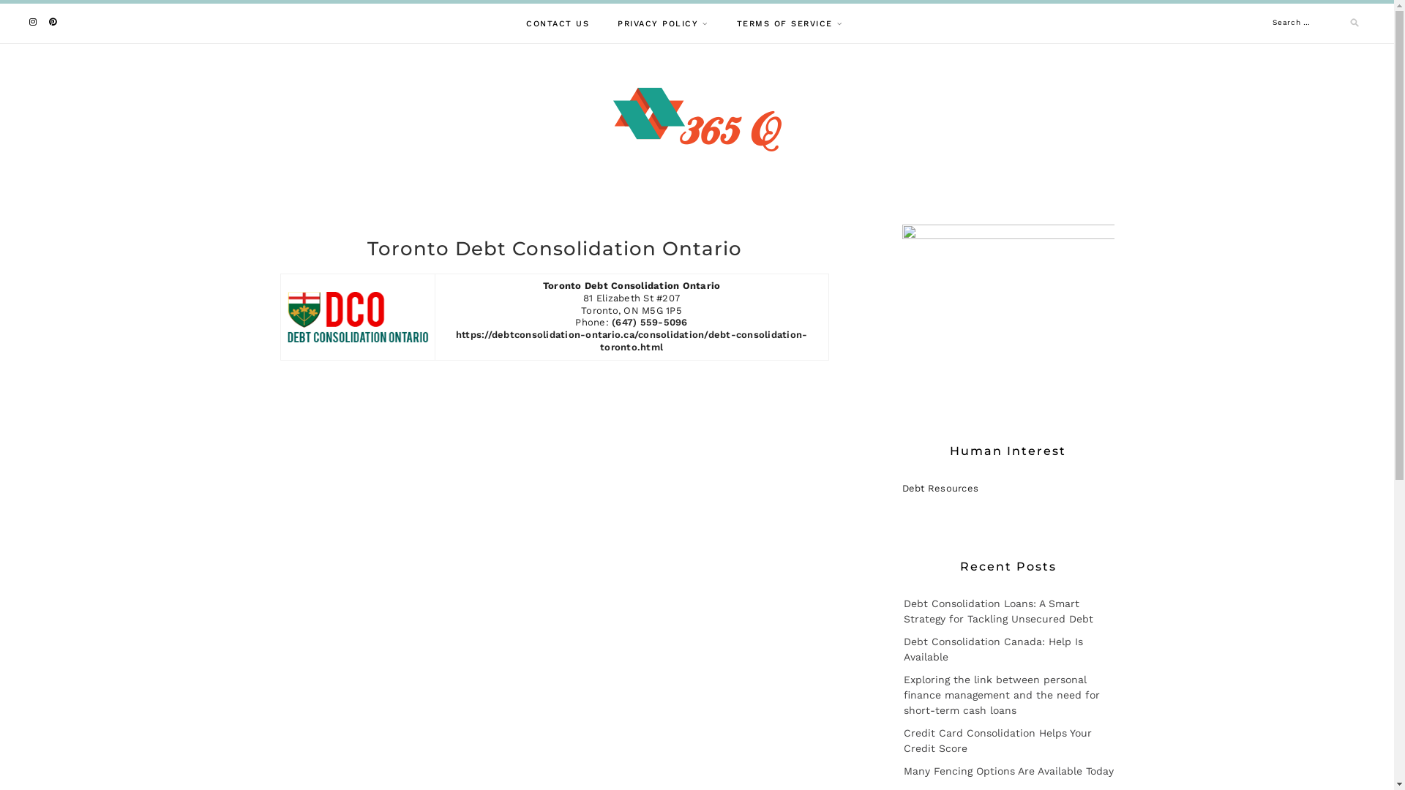 This screenshot has width=1405, height=790. I want to click on 'Debt Consolidation Canada: Help Is Available', so click(992, 648).